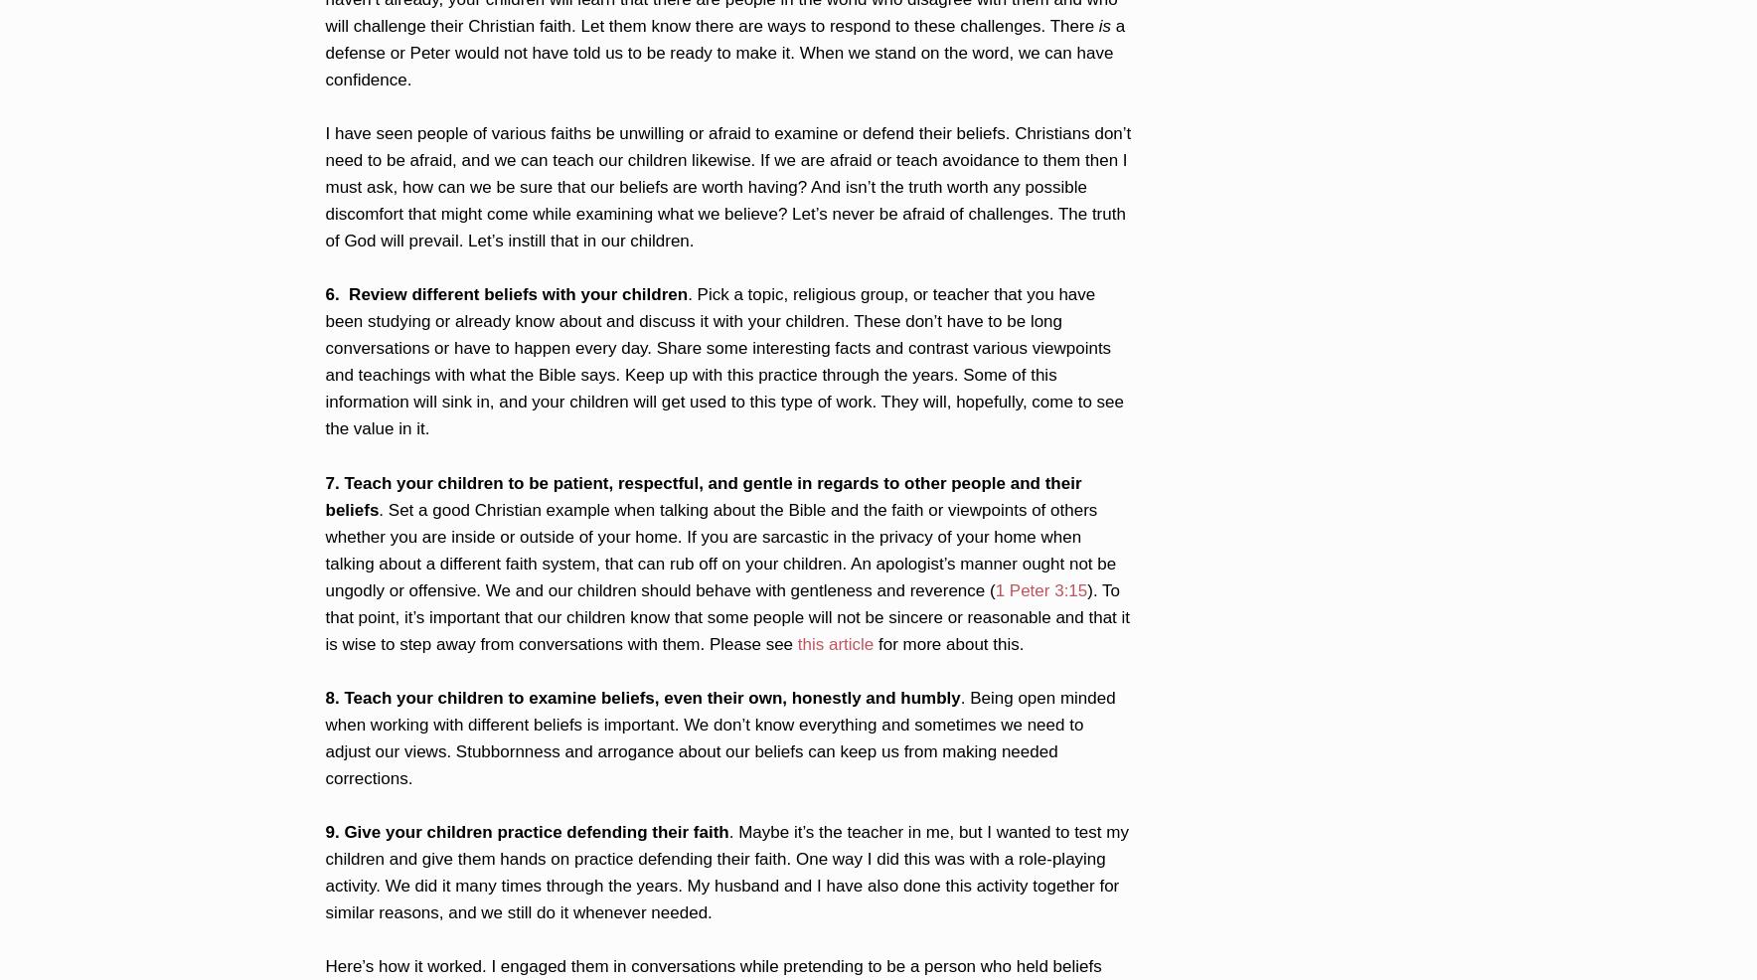 The image size is (1757, 980). What do you see at coordinates (726, 871) in the screenshot?
I see `'. Maybe it’s the teacher in me, but I wanted to test my children and give them hands on practice defending their faith. One way I did this was with a role-playing activity. We did it many times through the years. My husband and I have also done this activity together for similar reasons, and we still do it whenever needed.'` at bounding box center [726, 871].